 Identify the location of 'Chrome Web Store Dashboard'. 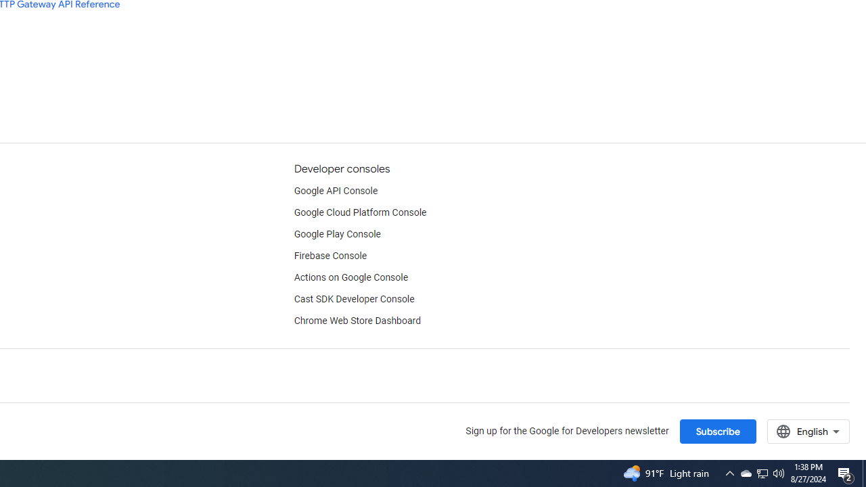
(357, 321).